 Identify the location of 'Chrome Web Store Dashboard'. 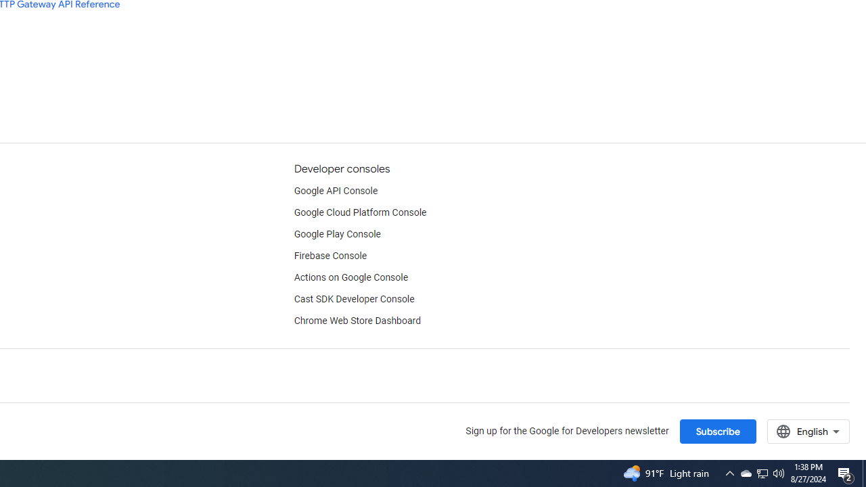
(357, 321).